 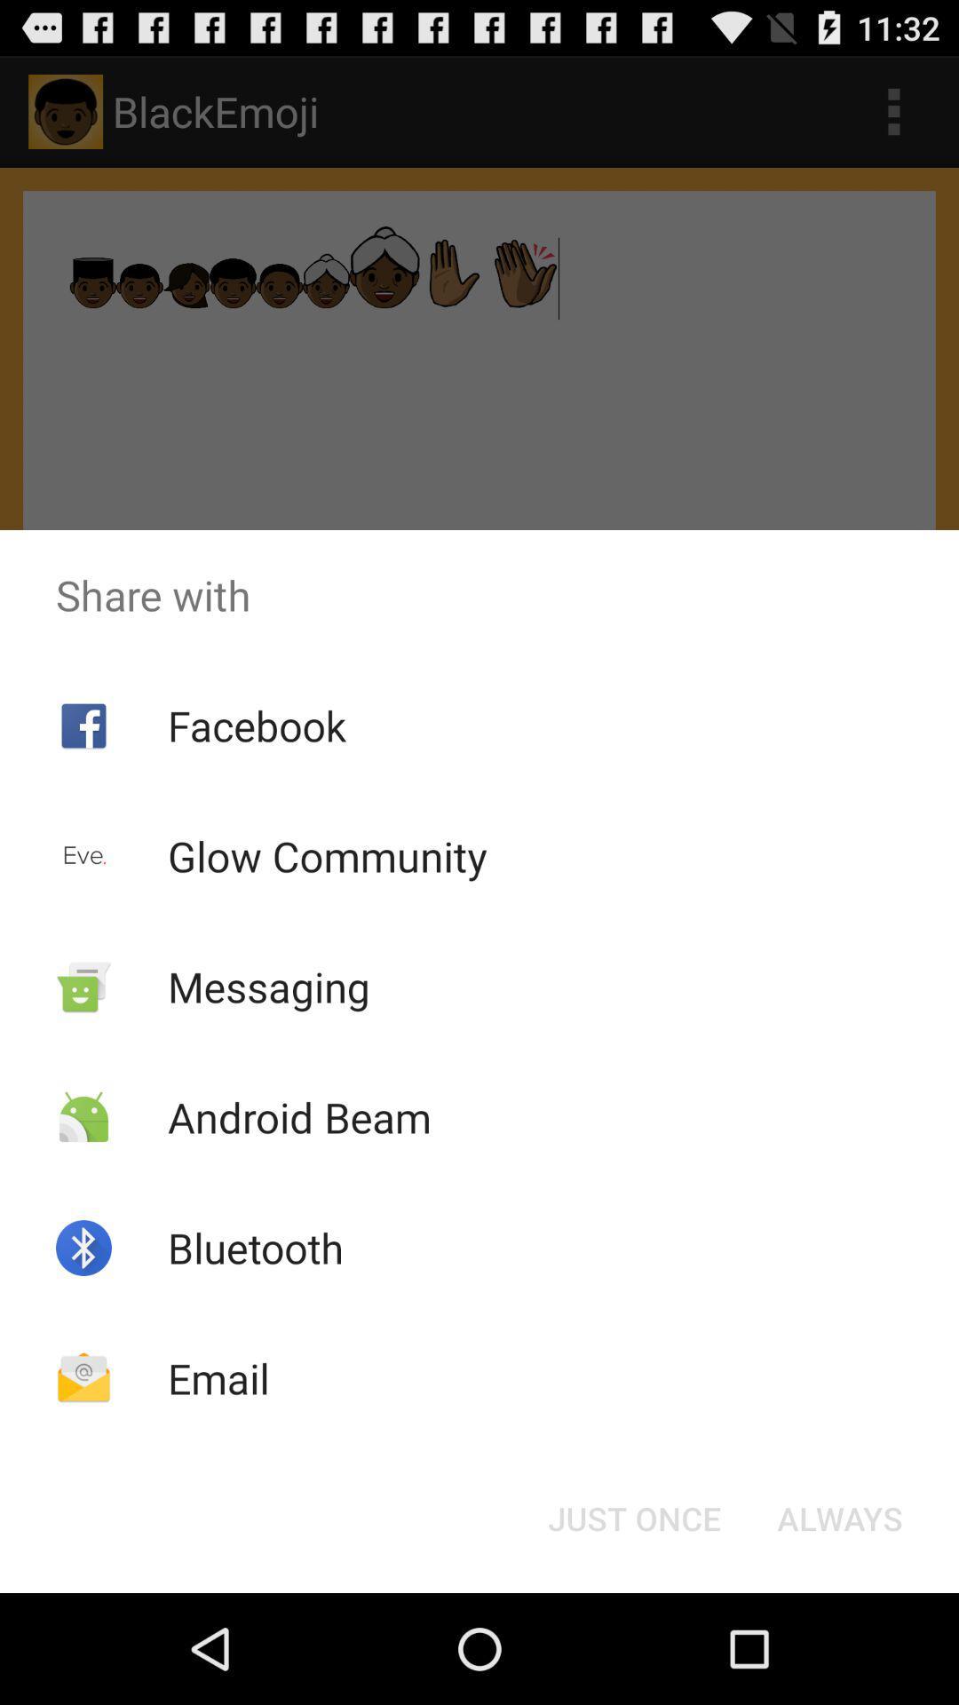 I want to click on the app above the bluetooth, so click(x=298, y=1116).